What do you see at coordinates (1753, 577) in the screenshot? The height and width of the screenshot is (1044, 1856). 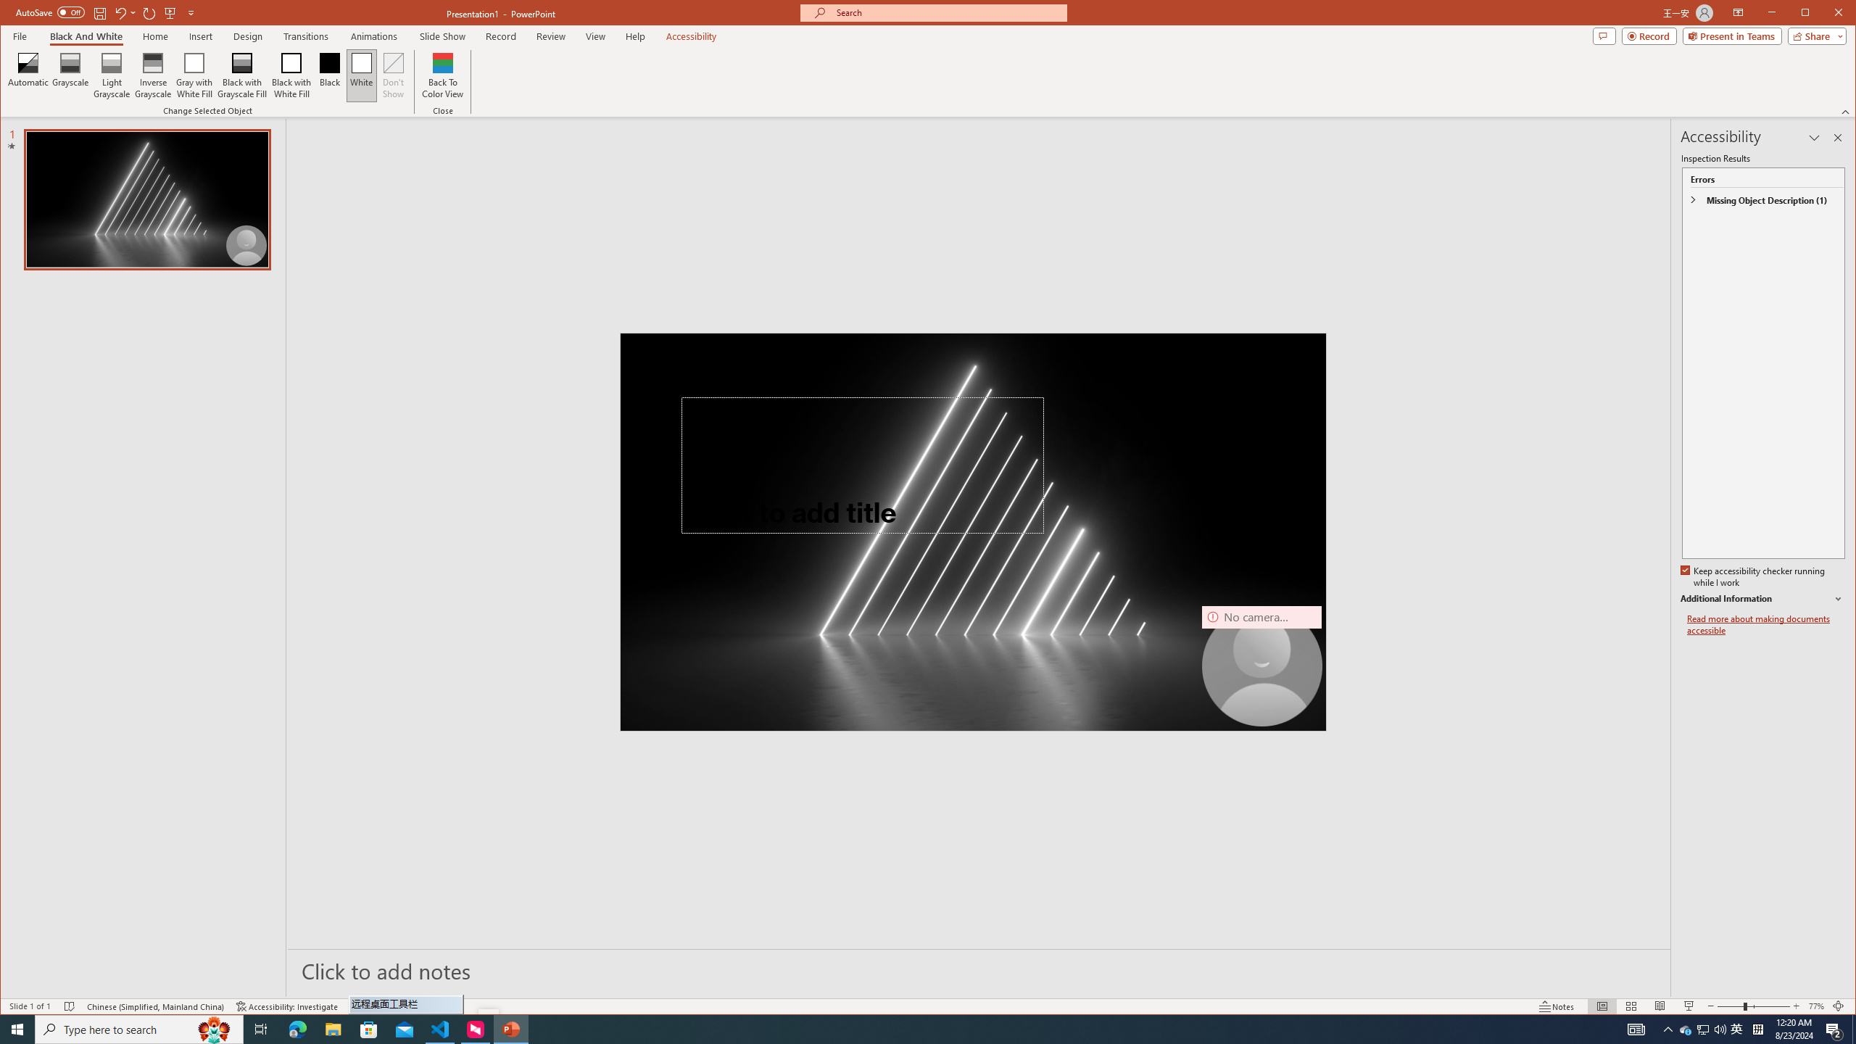 I see `'Keep accessibility checker running while I work'` at bounding box center [1753, 577].